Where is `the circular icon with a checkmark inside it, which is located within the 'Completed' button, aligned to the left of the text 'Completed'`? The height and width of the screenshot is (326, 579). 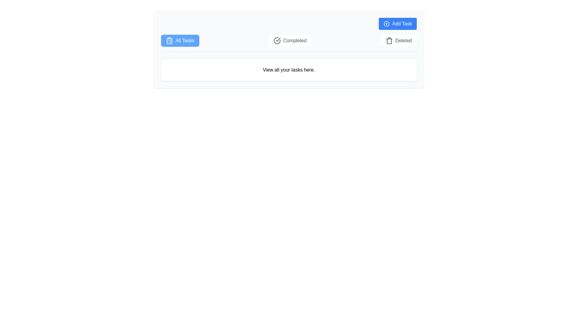
the circular icon with a checkmark inside it, which is located within the 'Completed' button, aligned to the left of the text 'Completed' is located at coordinates (277, 41).